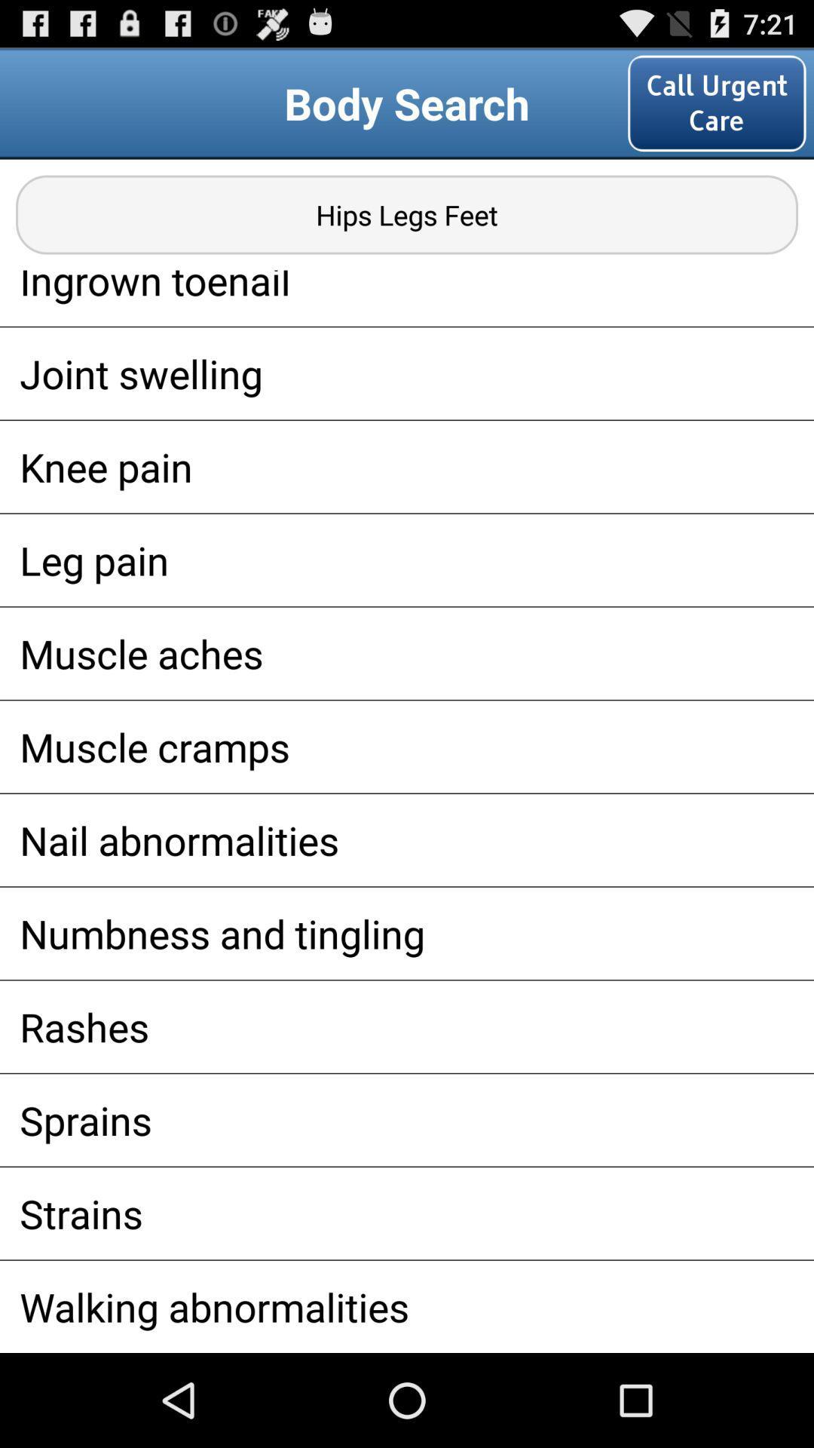 The image size is (814, 1448). I want to click on the item above walking abnormalities icon, so click(407, 1213).